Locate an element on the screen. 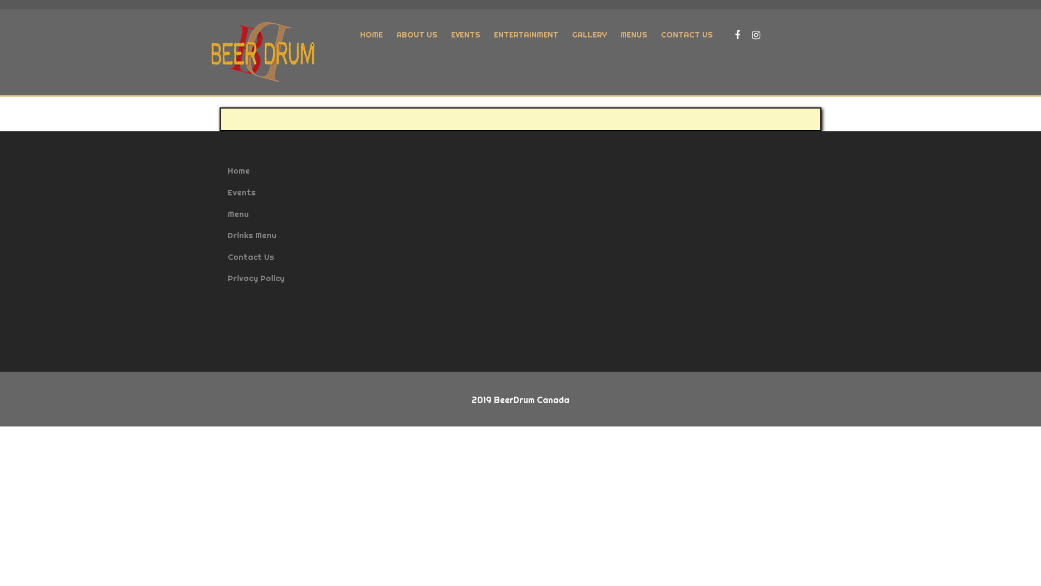 This screenshot has width=1041, height=586. 'ABOUT US' is located at coordinates (416, 34).